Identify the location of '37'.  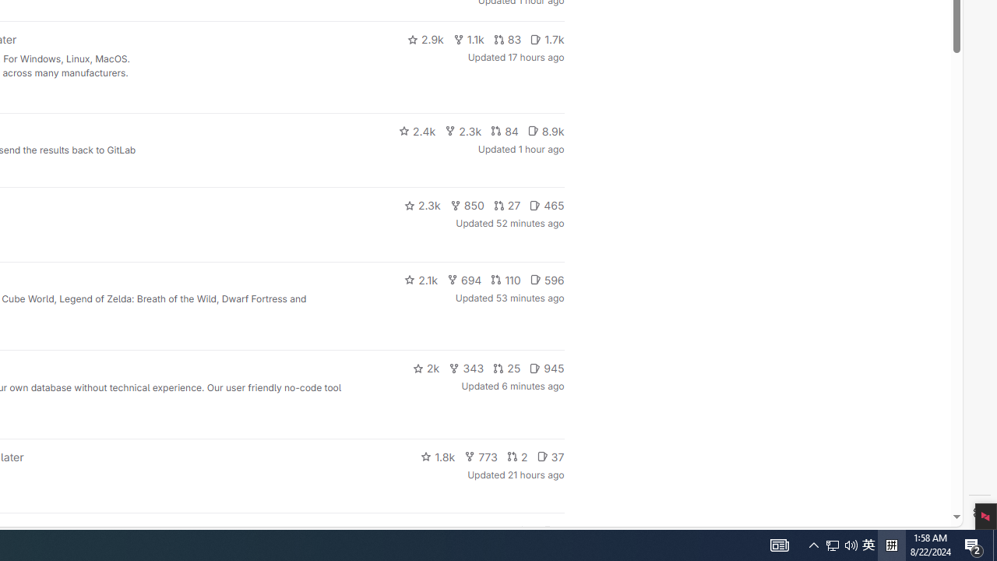
(550, 456).